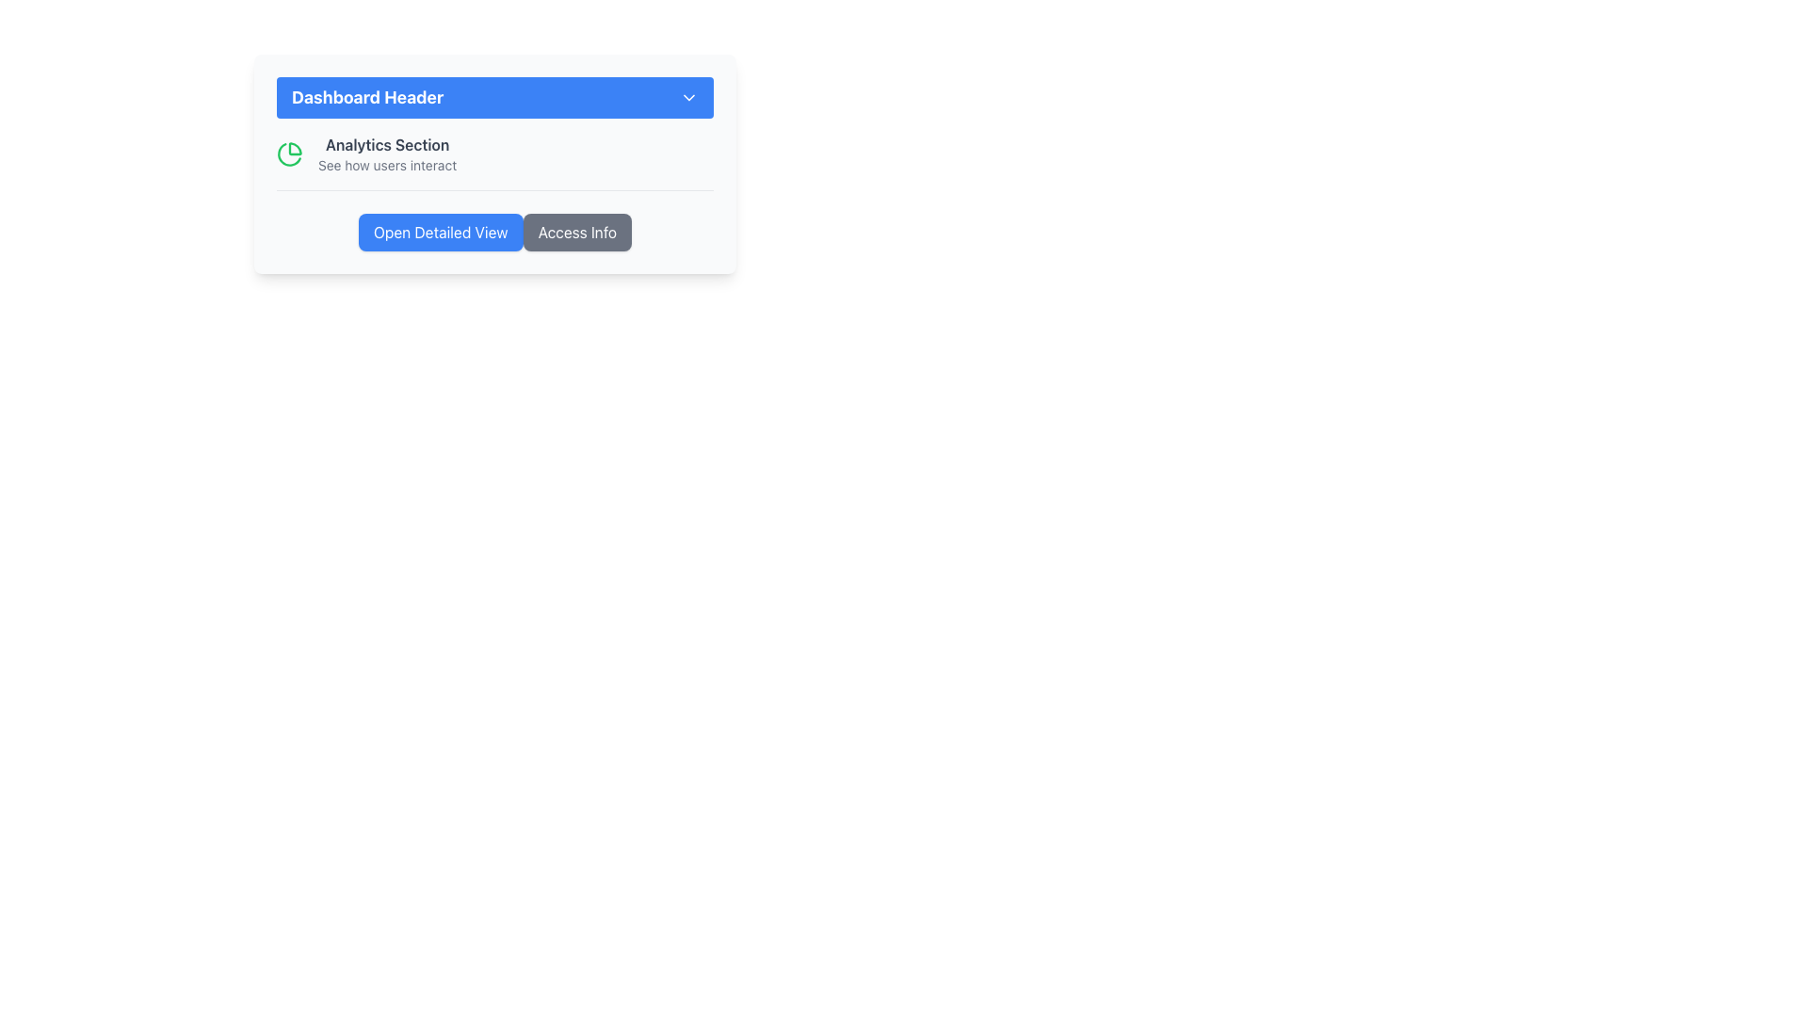 This screenshot has width=1808, height=1017. Describe the element at coordinates (440, 231) in the screenshot. I see `the 'Open Detailed View' button located in the 'Analytics Section' to make it active` at that location.